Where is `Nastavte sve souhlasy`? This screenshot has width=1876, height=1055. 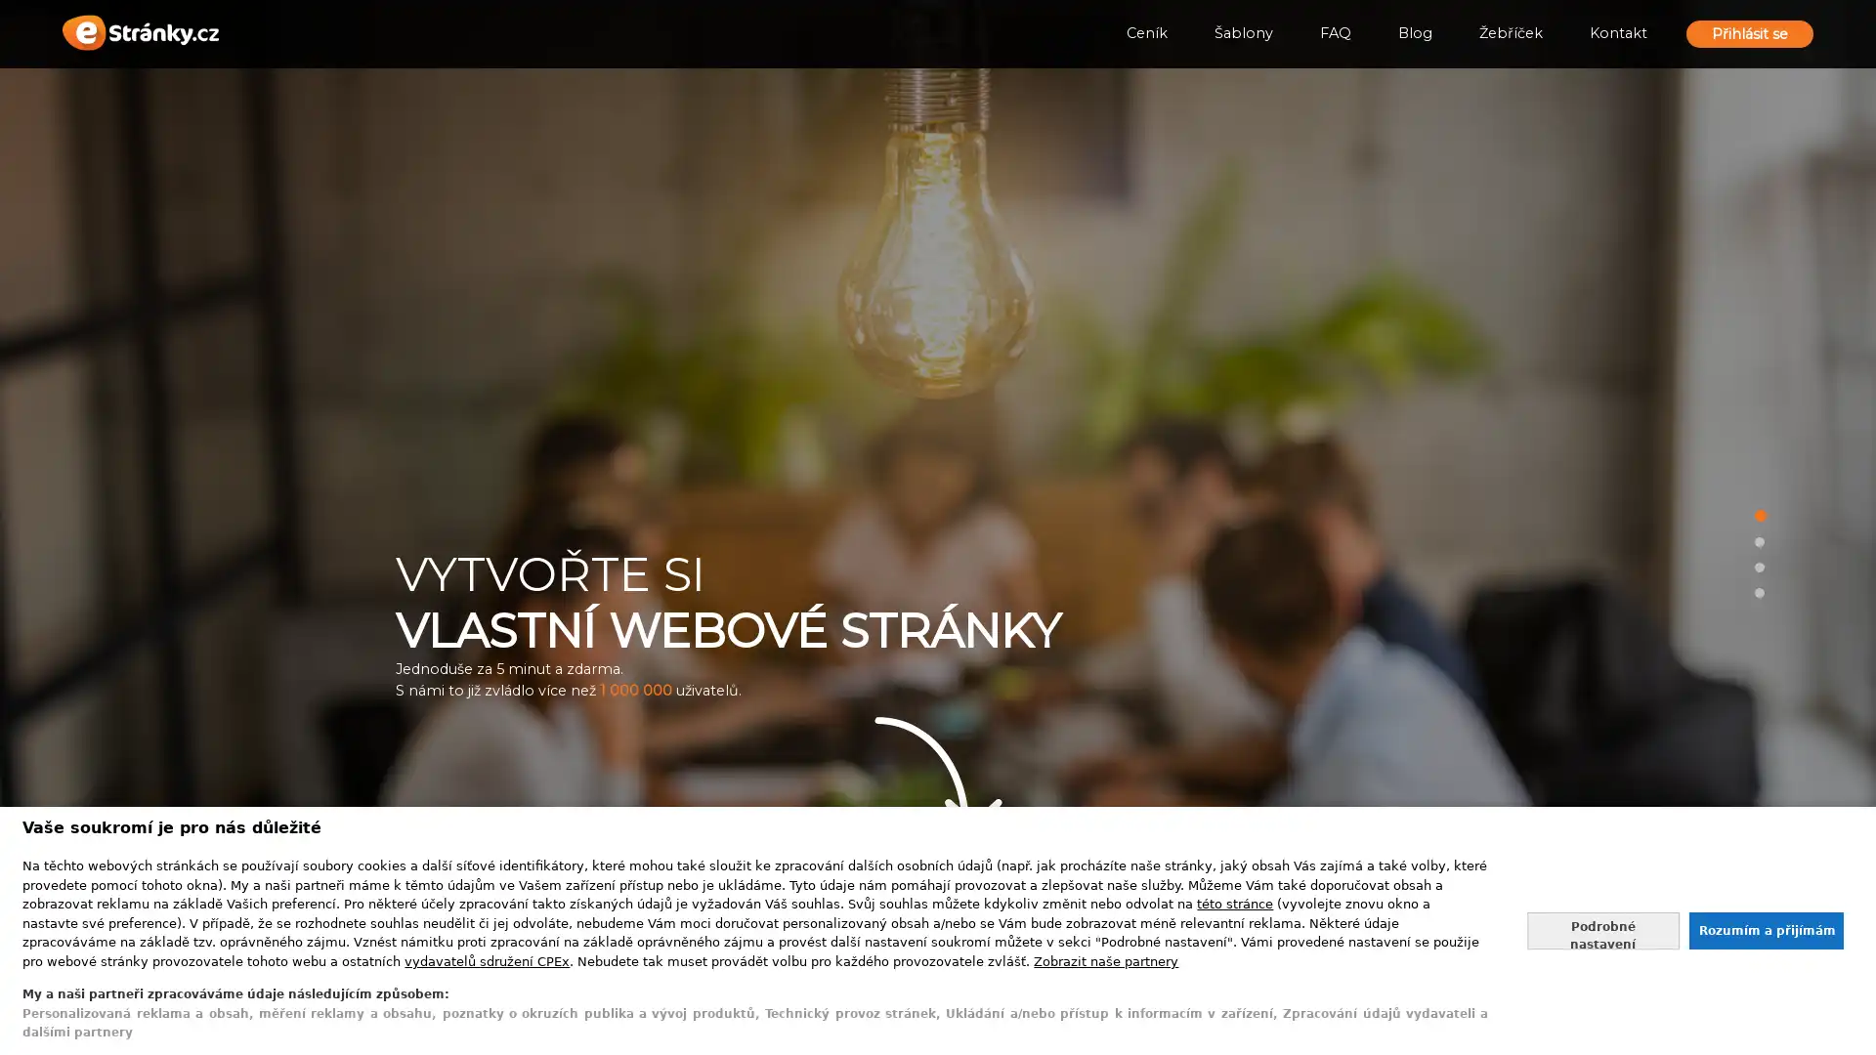 Nastavte sve souhlasy is located at coordinates (1602, 929).